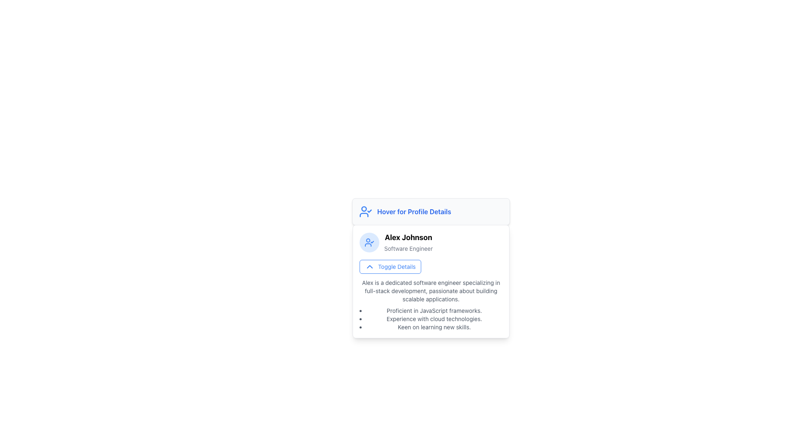  Describe the element at coordinates (369, 266) in the screenshot. I see `the chevron icon within the 'Toggle Details' button located in the second section of Alex Johnson's profile card` at that location.